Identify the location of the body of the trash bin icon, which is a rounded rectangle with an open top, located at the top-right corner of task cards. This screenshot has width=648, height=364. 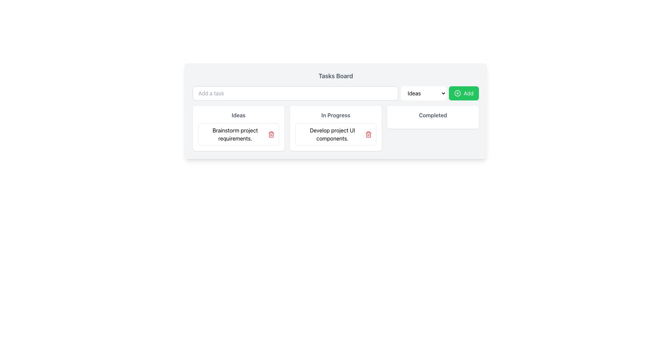
(271, 135).